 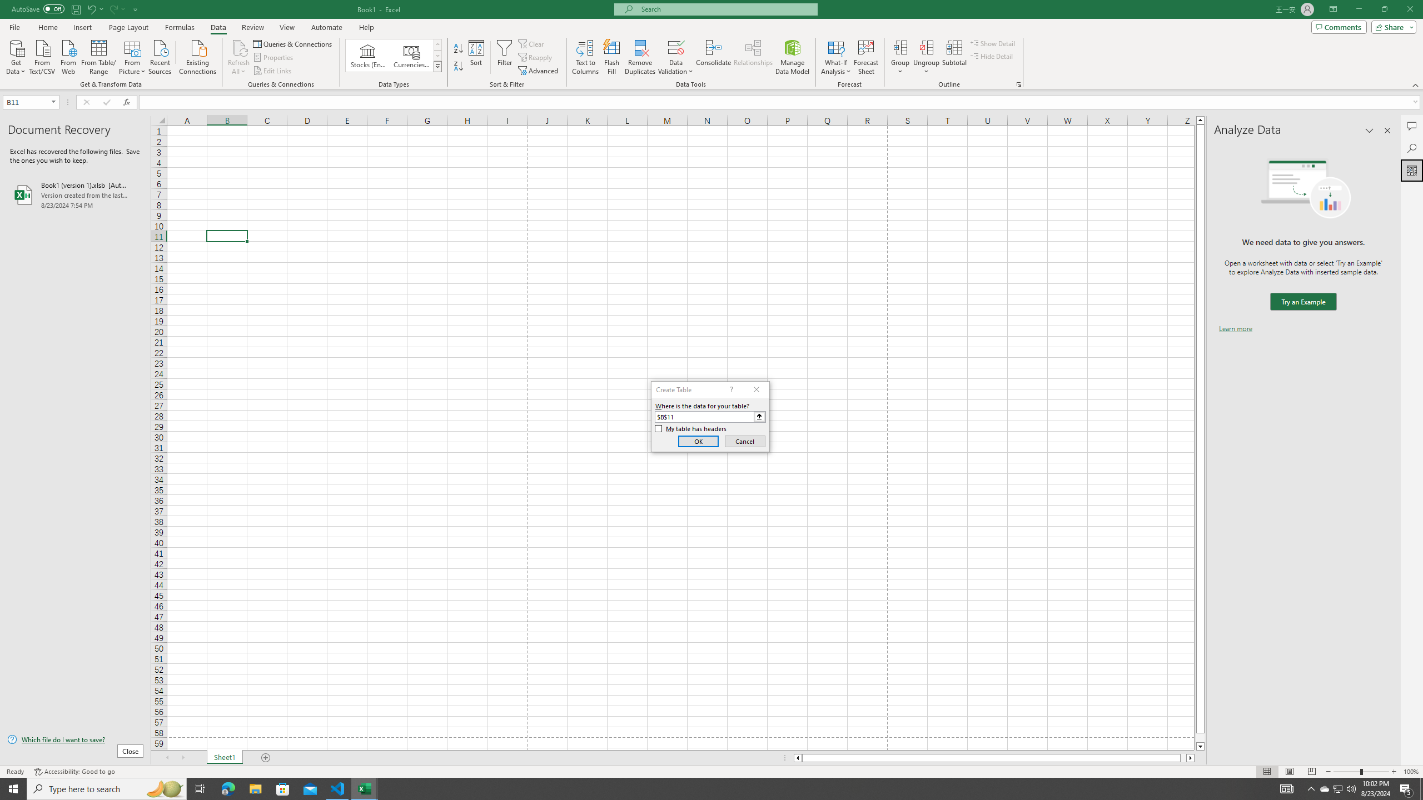 I want to click on 'Row Down', so click(x=437, y=55).